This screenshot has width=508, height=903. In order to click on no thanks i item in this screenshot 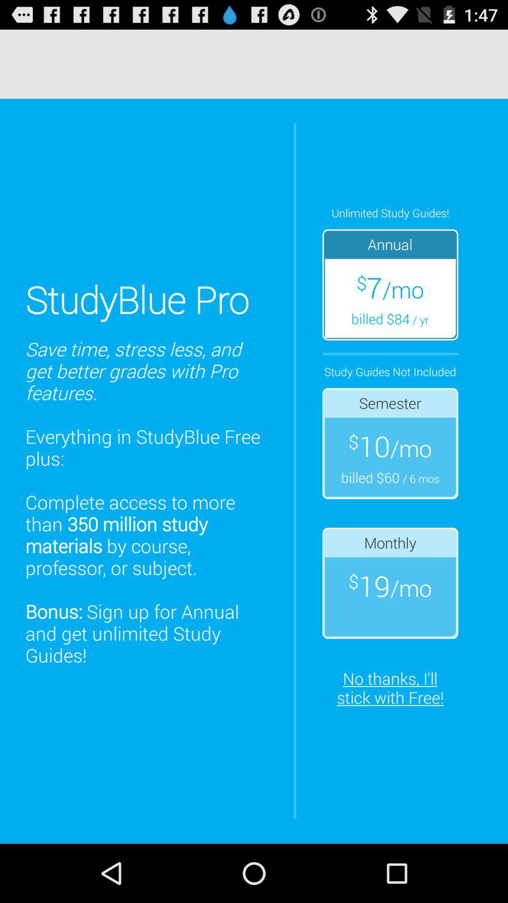, I will do `click(390, 688)`.